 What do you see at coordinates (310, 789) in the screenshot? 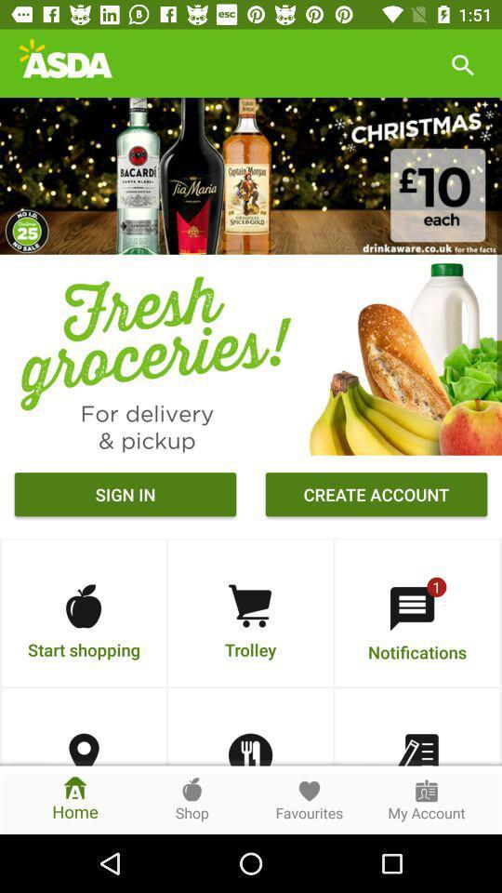
I see `the heart icon at the bottom` at bounding box center [310, 789].